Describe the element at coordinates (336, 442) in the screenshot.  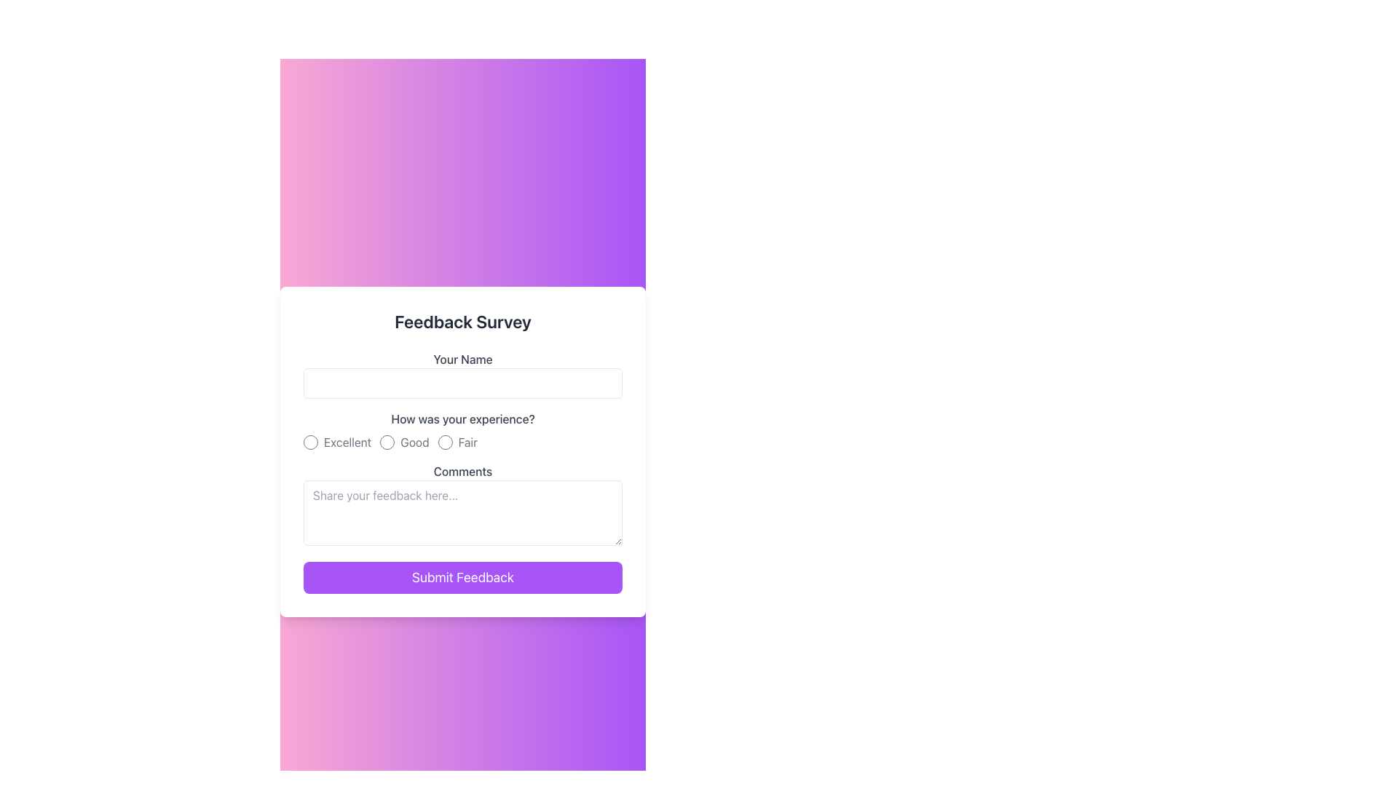
I see `the radio button` at that location.